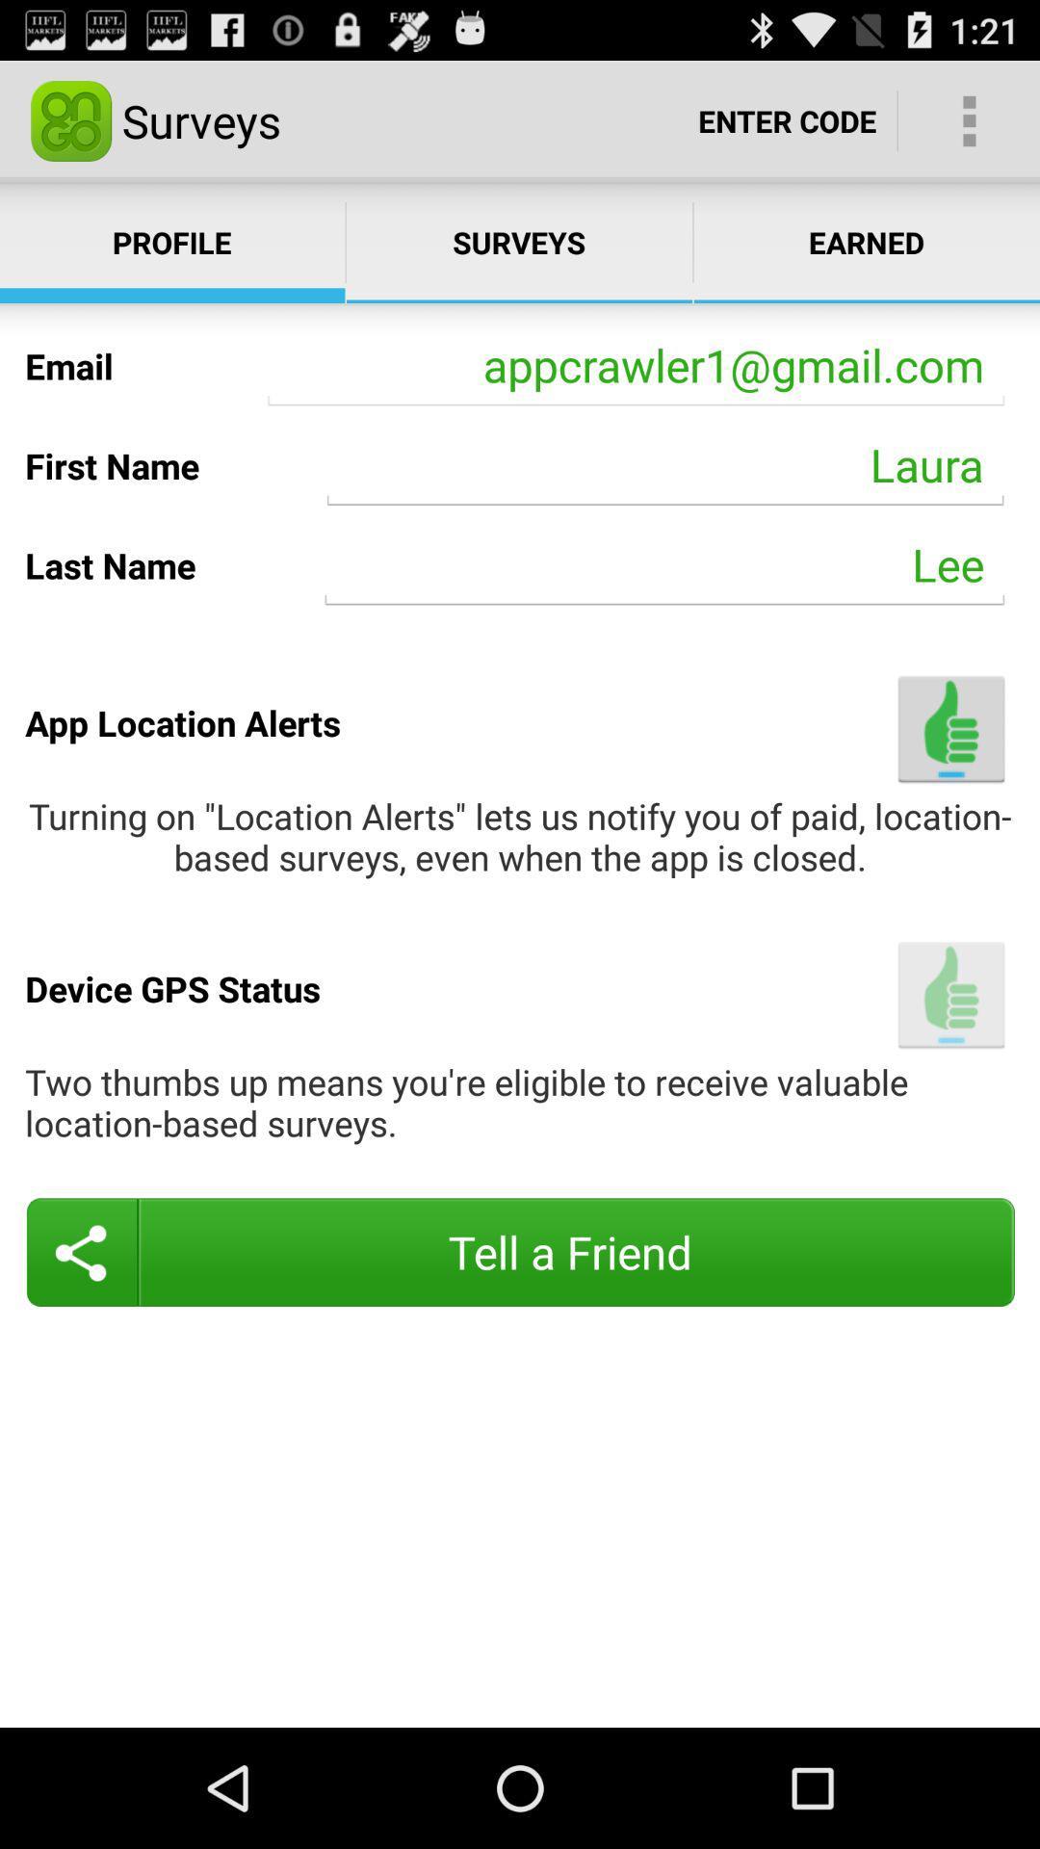  I want to click on the item to the right of app location alerts, so click(950, 728).